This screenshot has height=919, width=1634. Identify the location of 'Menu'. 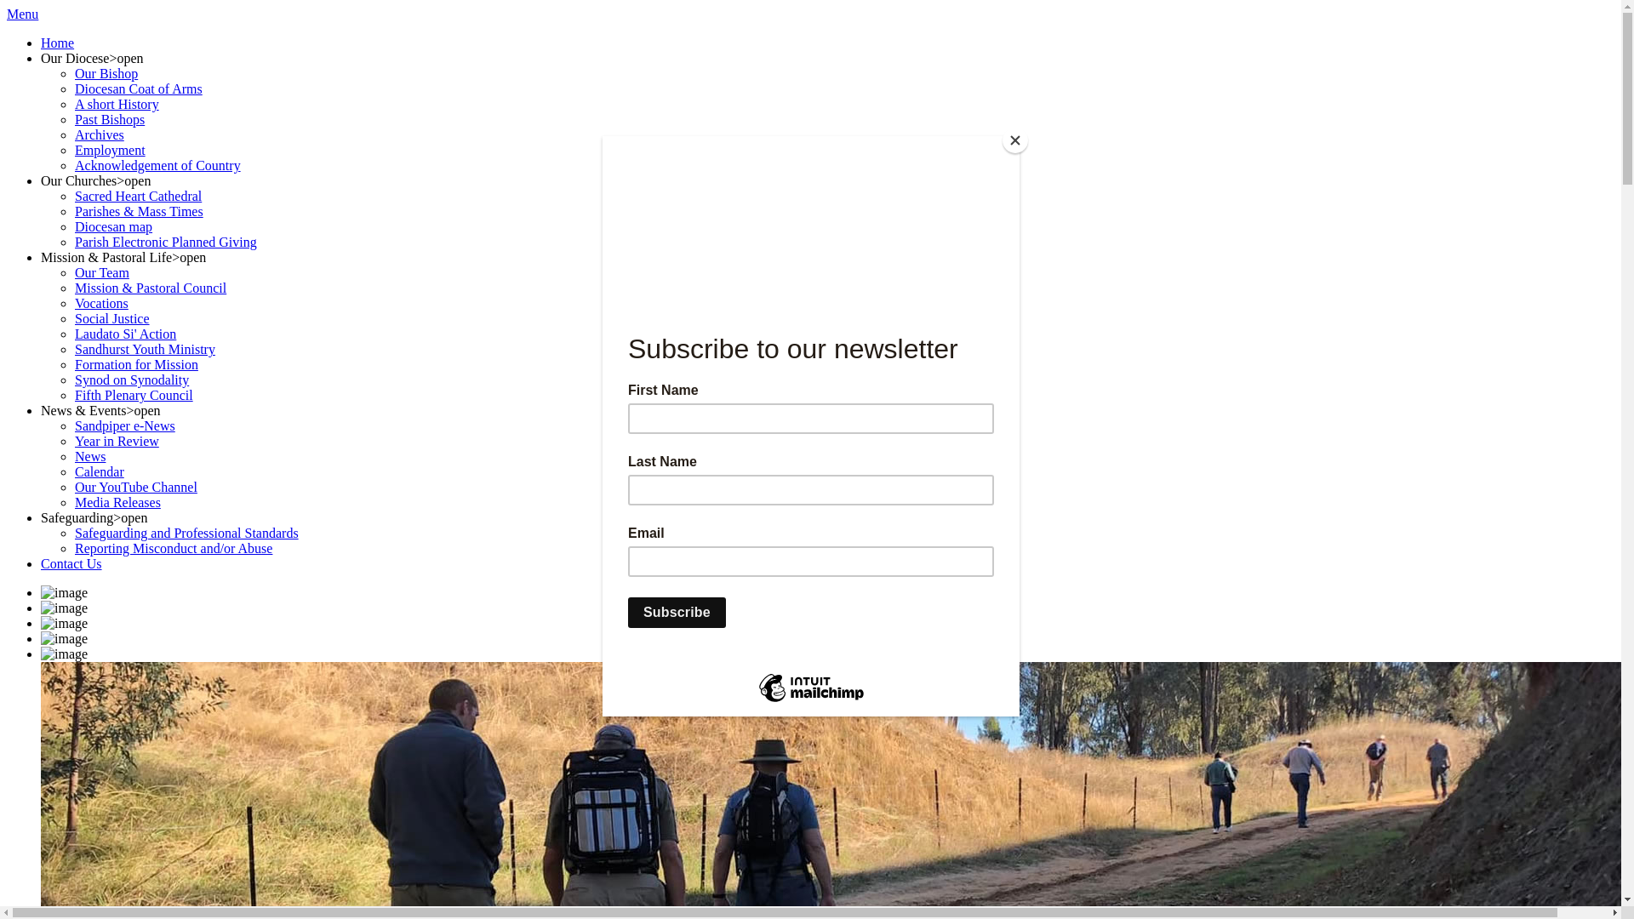
(7, 14).